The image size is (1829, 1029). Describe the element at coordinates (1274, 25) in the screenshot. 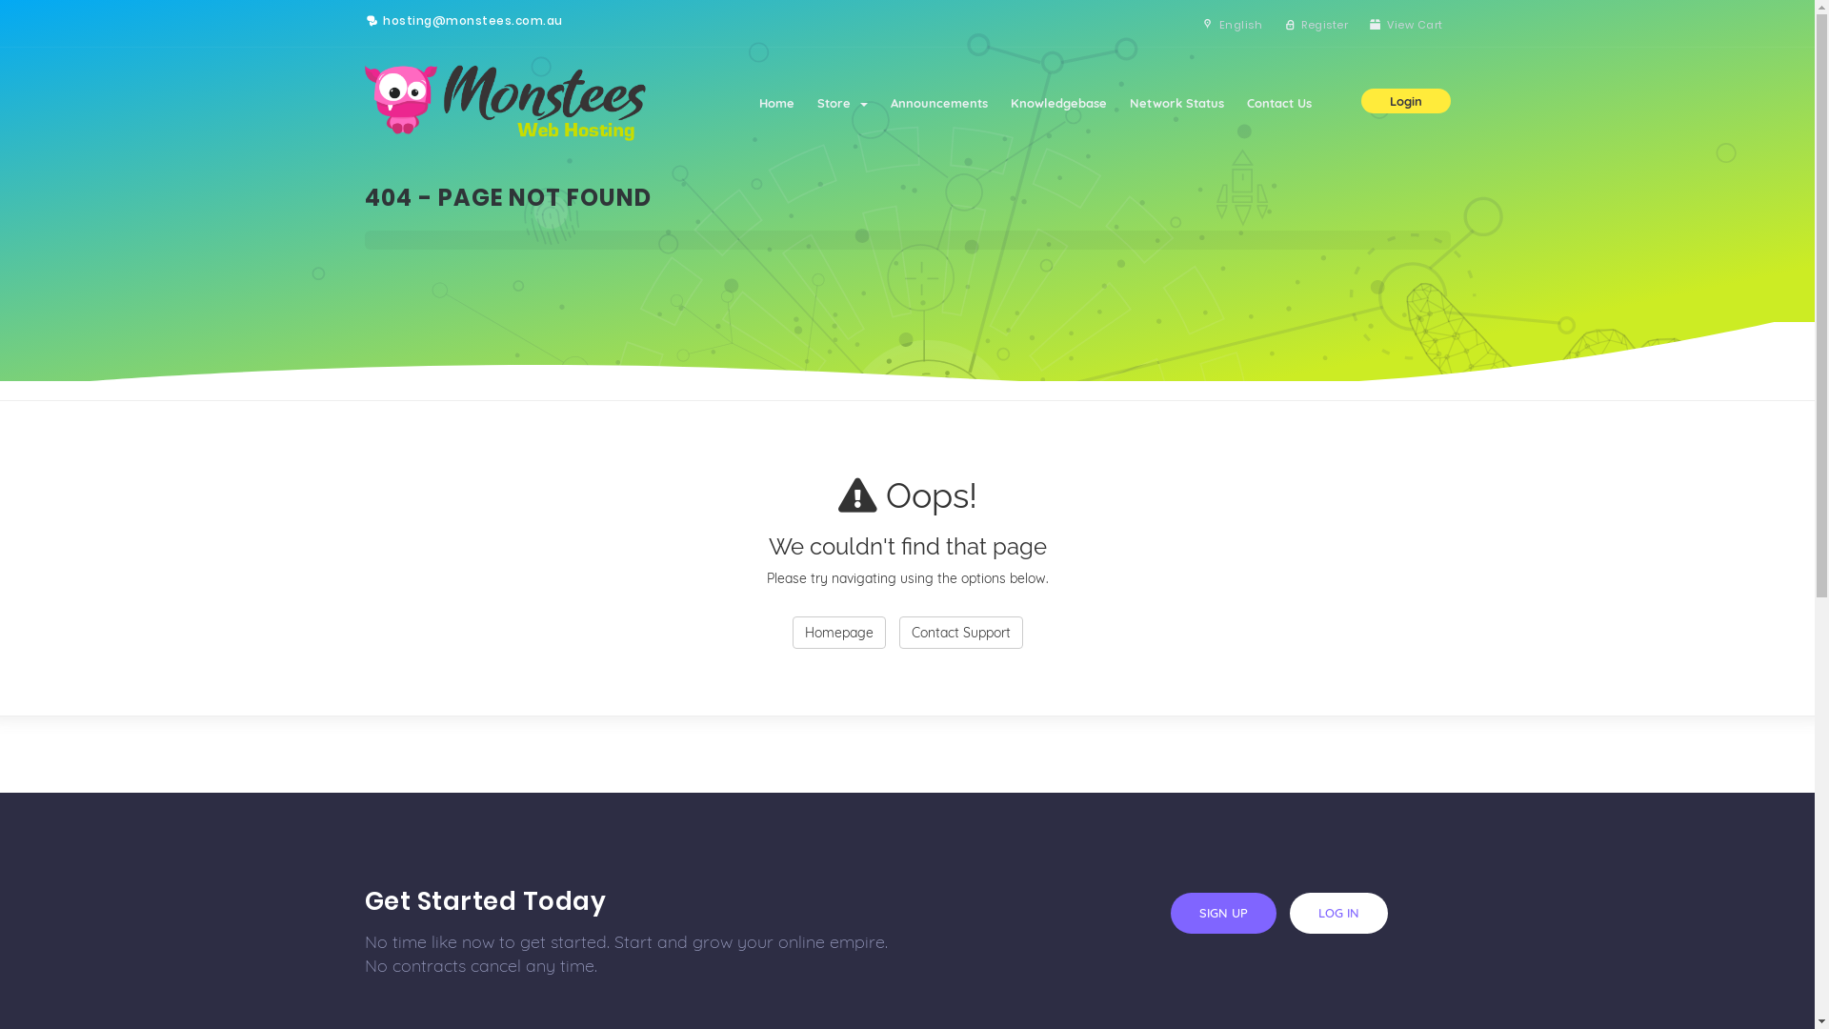

I see `'Register'` at that location.